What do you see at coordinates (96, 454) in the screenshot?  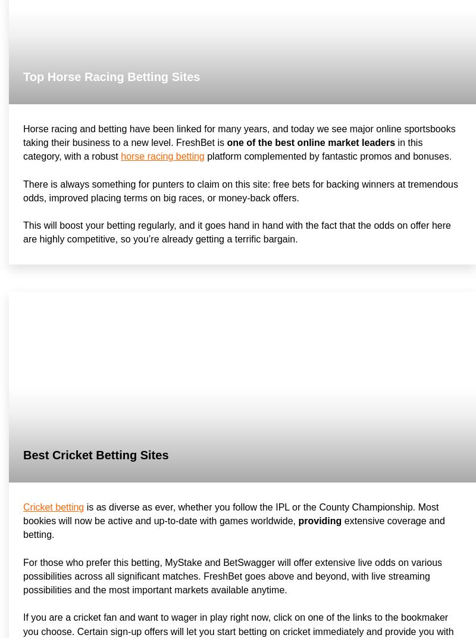 I see `'Best Cricket Betting Sites'` at bounding box center [96, 454].